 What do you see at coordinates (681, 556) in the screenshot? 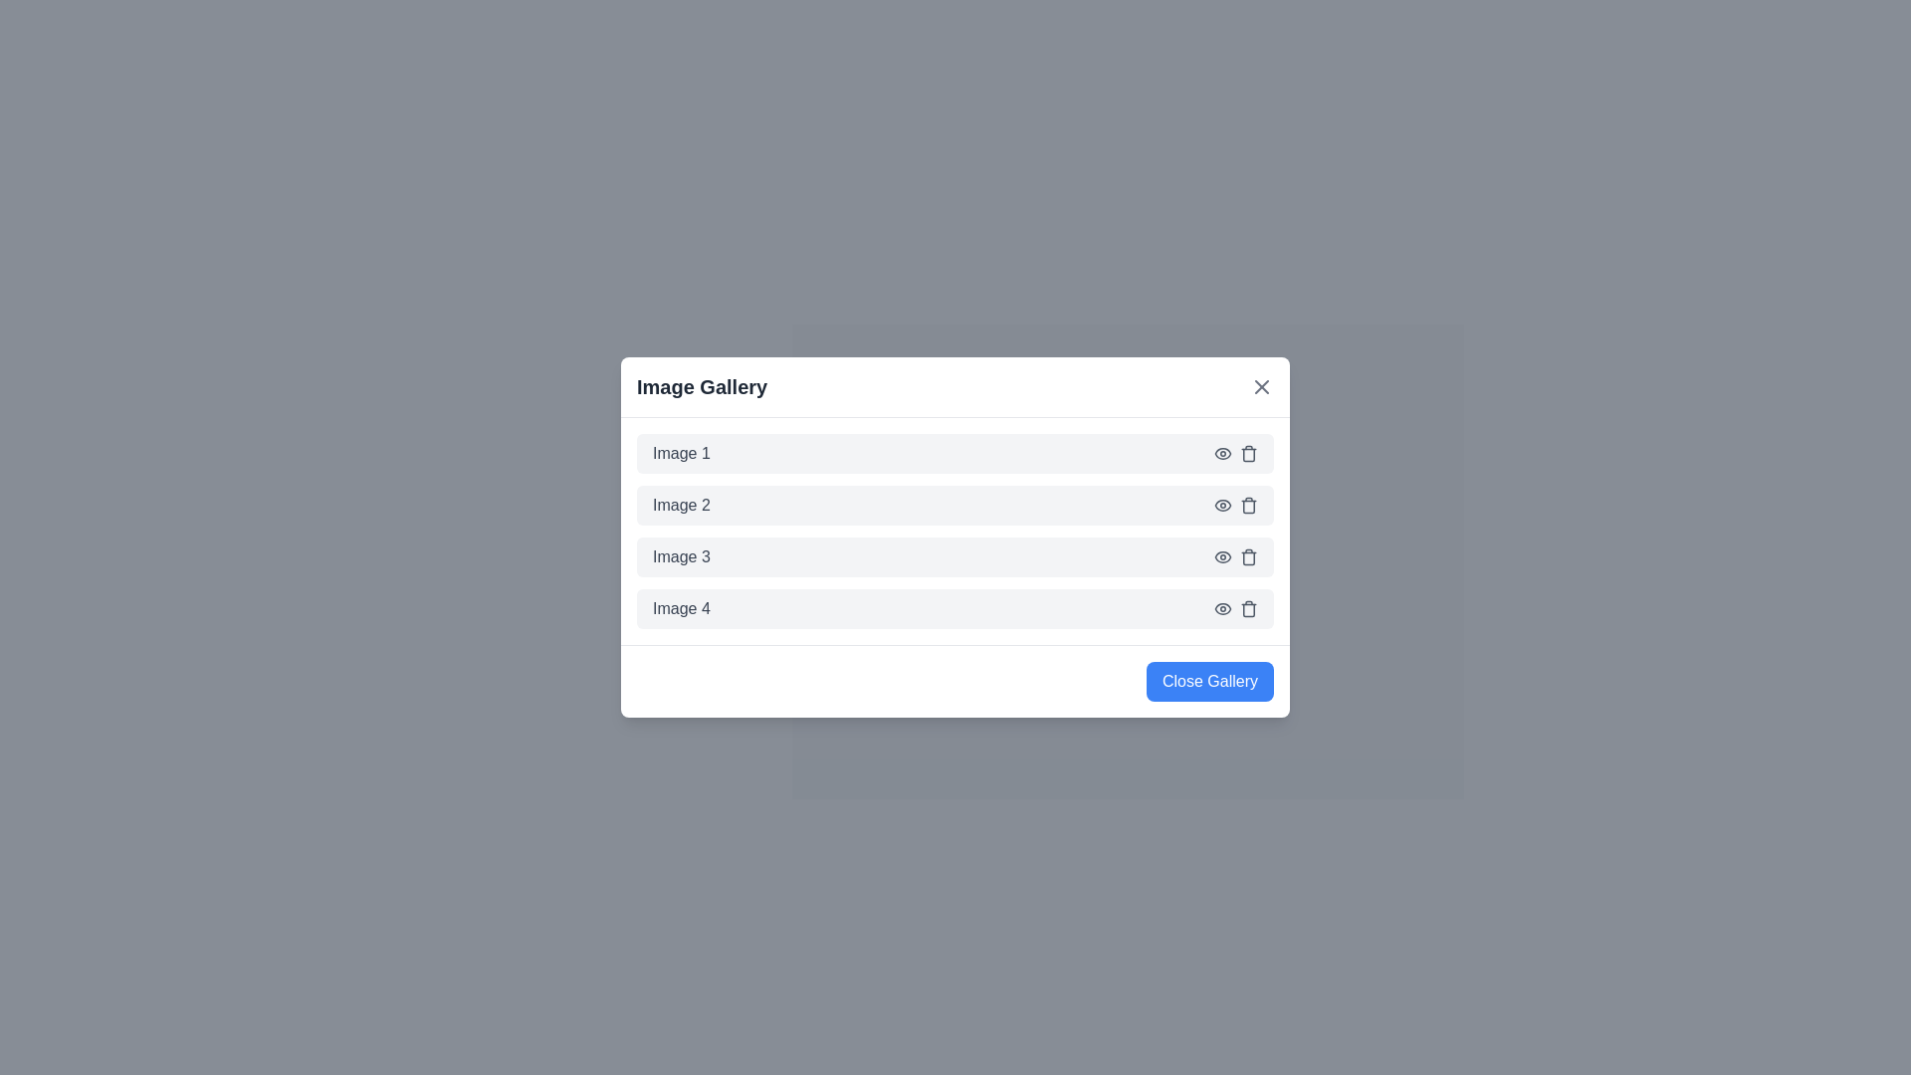
I see `the text label that identifies the third image in the gallery, positioned between 'Image 2' and 'Image 4' in the third row` at bounding box center [681, 556].